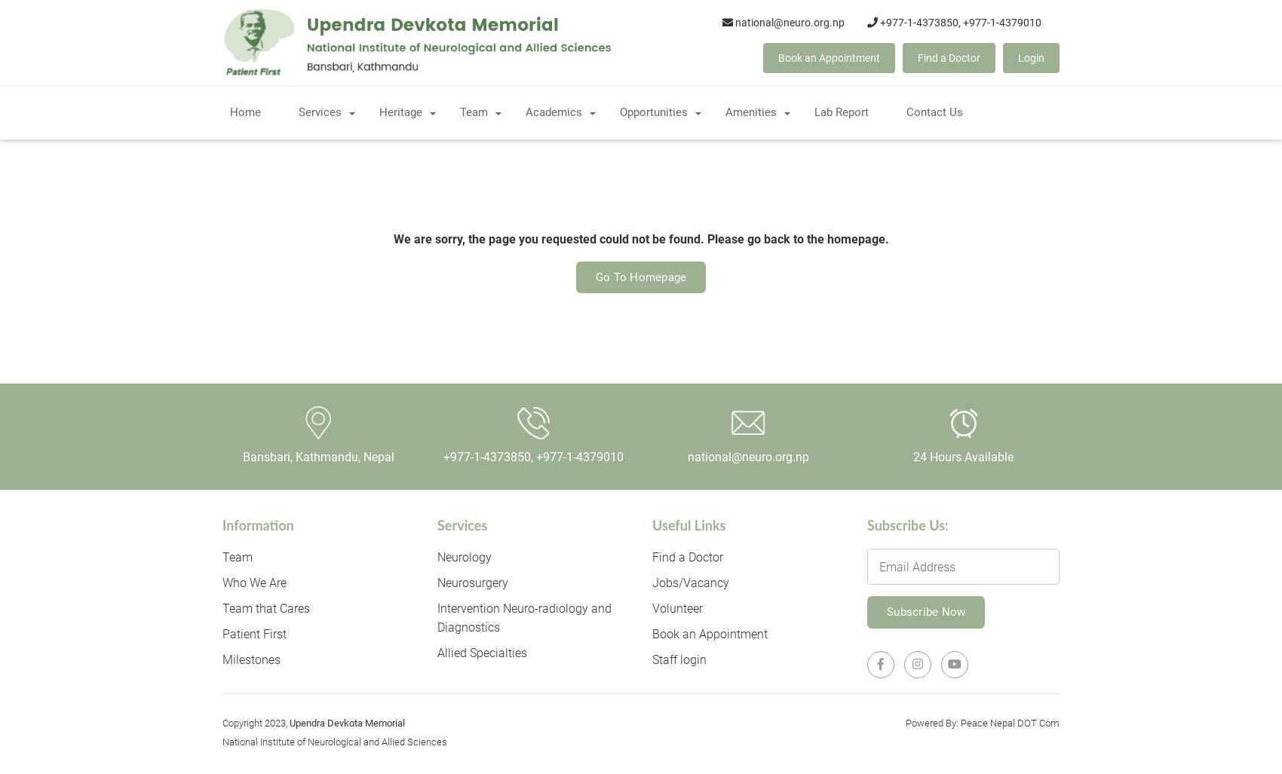 This screenshot has width=1282, height=774. What do you see at coordinates (1010, 722) in the screenshot?
I see `'Peace Nepal DOT Com'` at bounding box center [1010, 722].